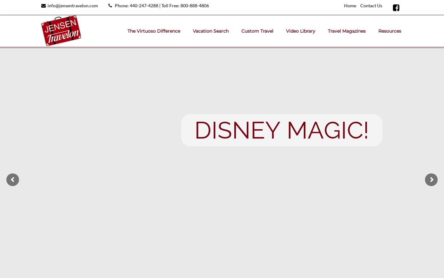  I want to click on 'Vacation Search', so click(211, 31).